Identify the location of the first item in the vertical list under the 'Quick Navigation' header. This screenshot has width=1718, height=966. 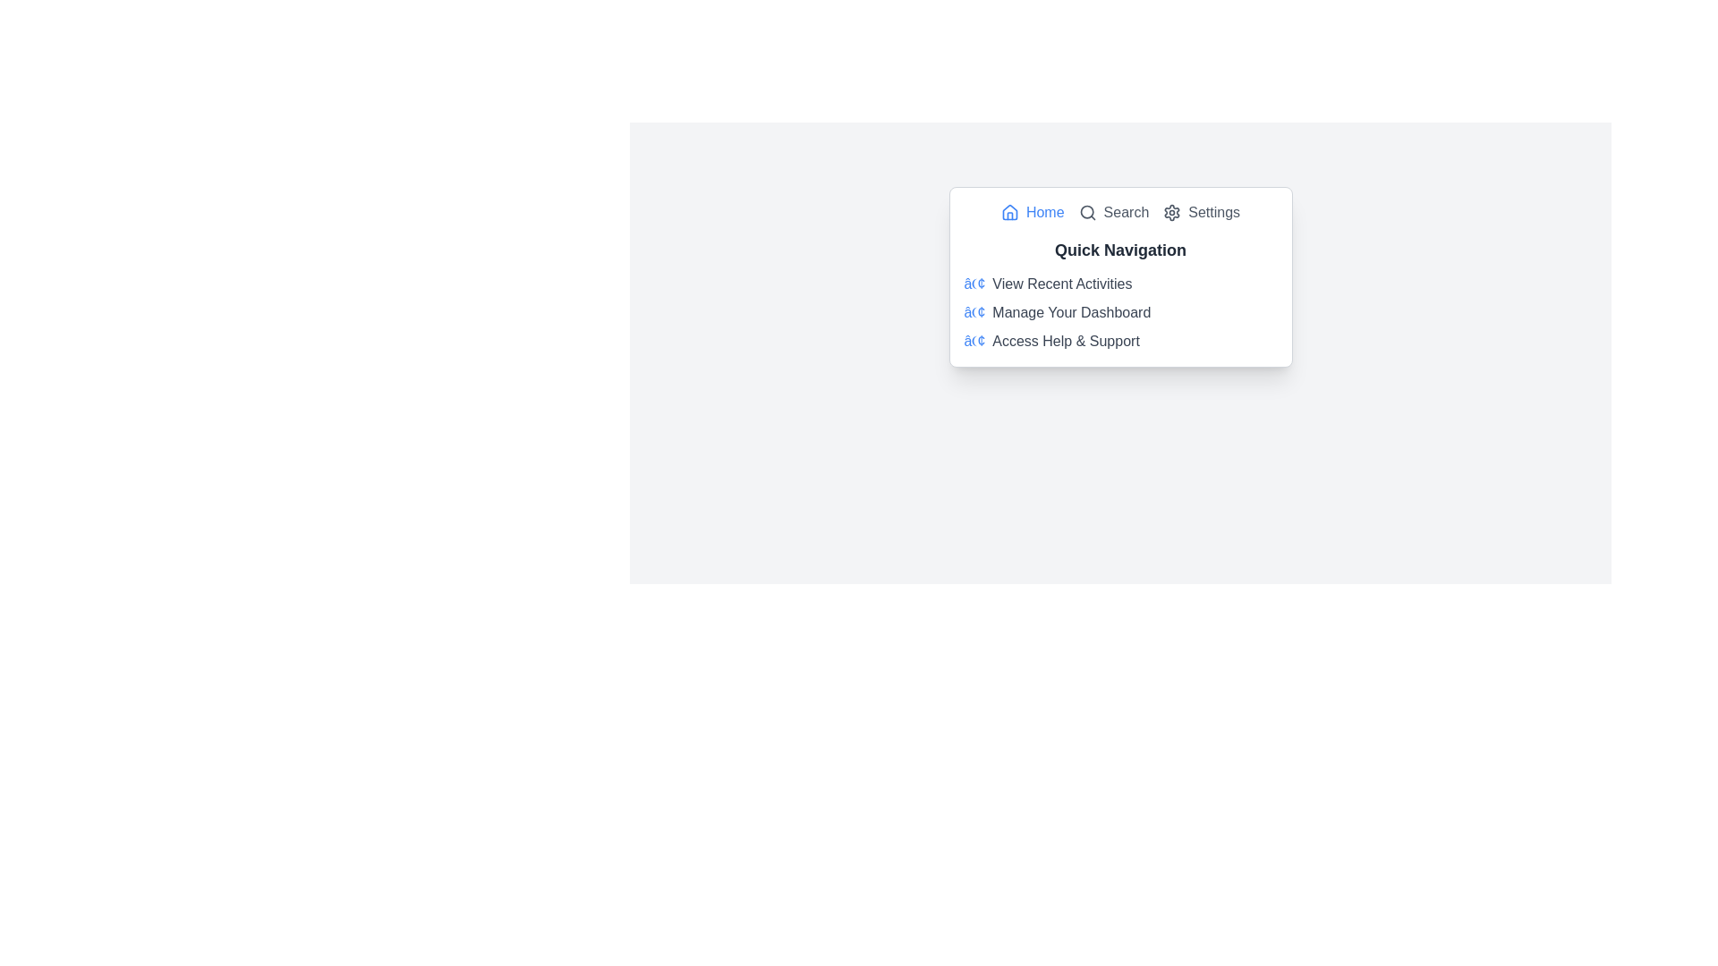
(1119, 283).